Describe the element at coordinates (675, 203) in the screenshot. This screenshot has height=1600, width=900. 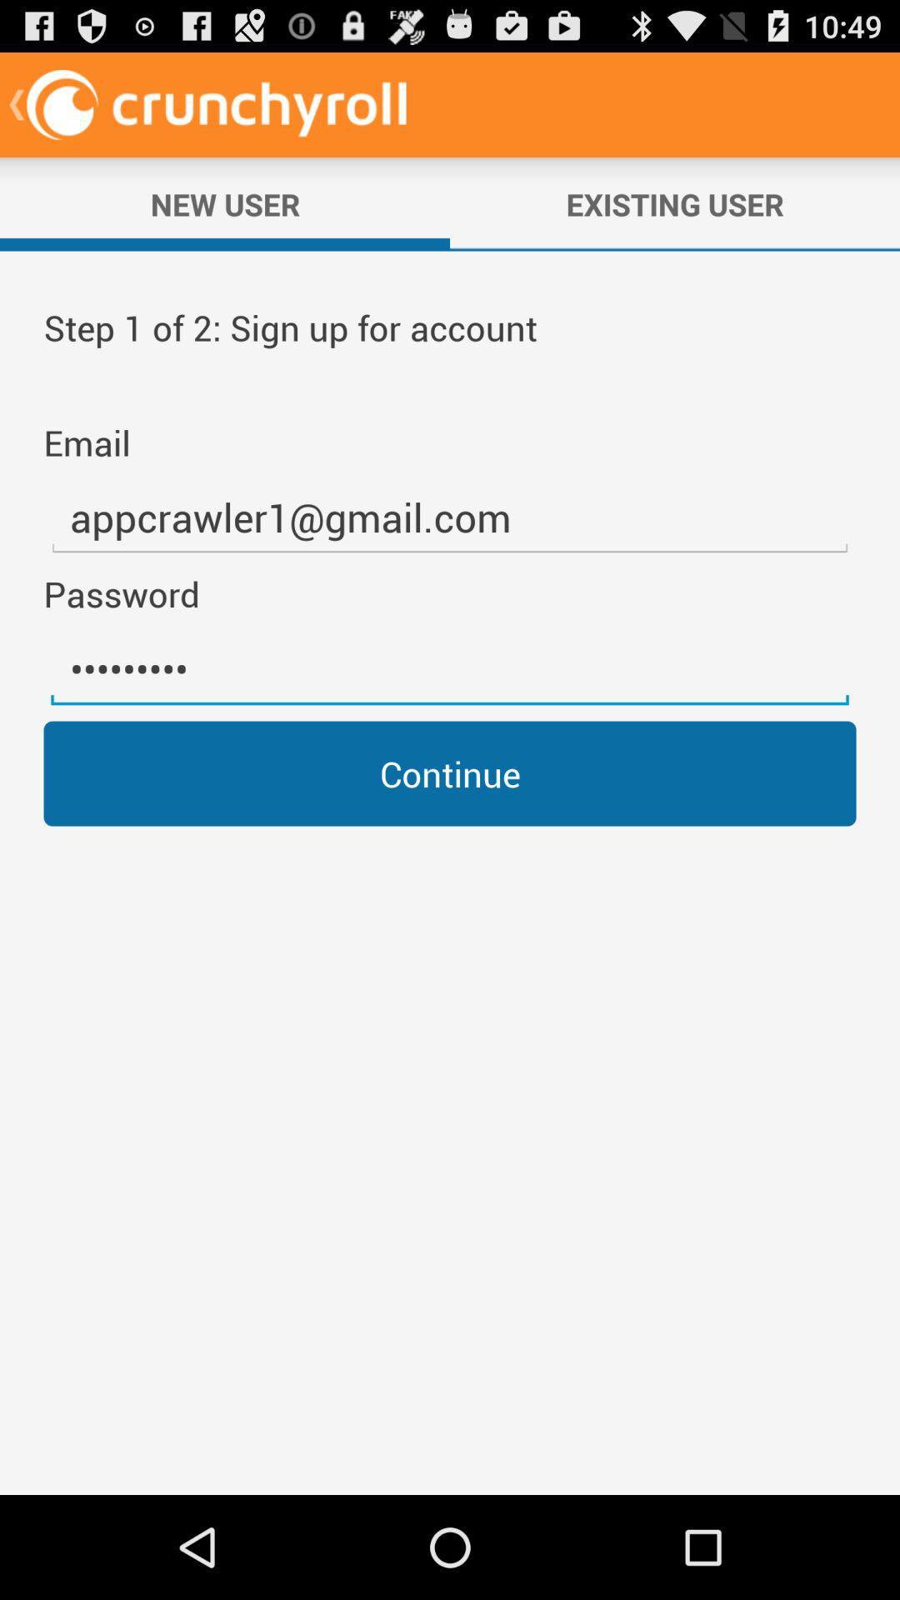
I see `the existing user at the top right corner` at that location.